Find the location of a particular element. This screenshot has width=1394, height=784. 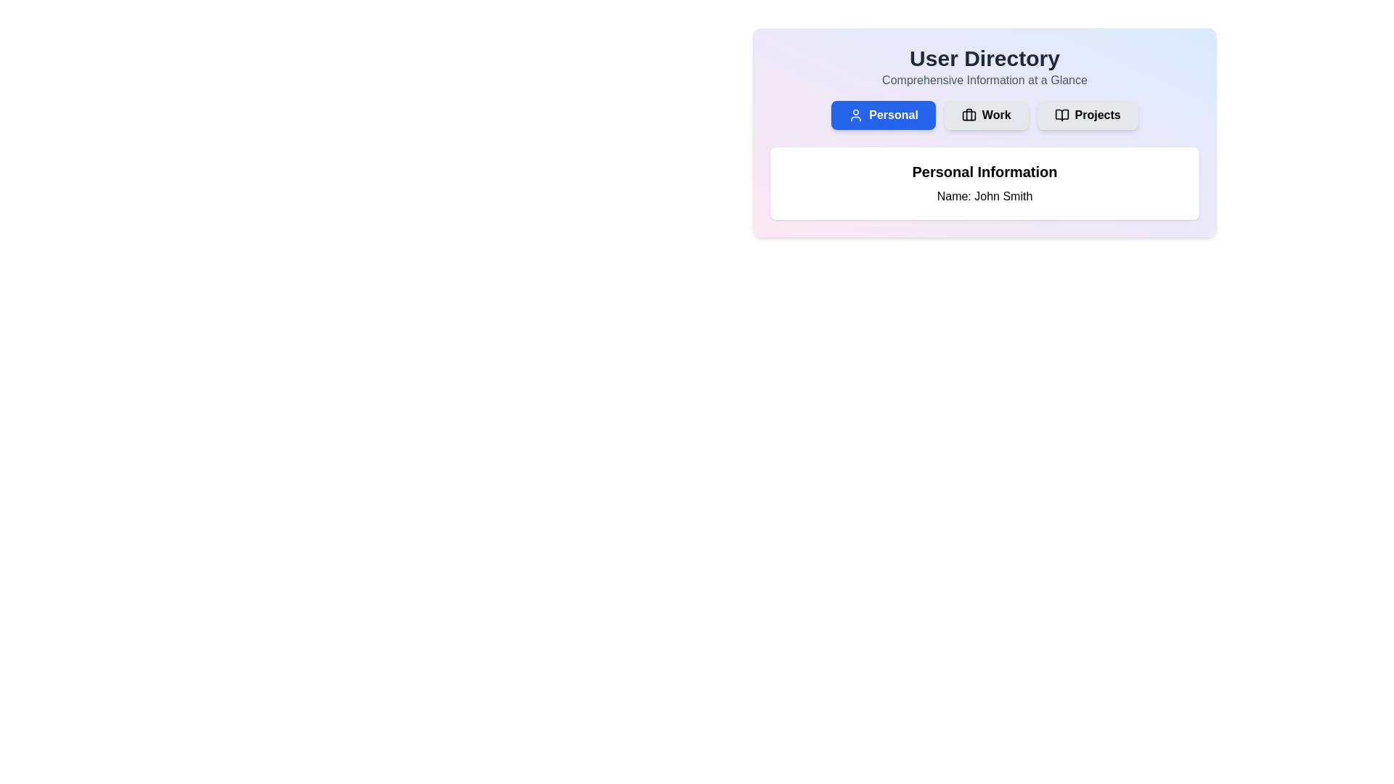

the decorative part of the briefcase icon that symbolizes the 'Work' category in the interface is located at coordinates (969, 114).